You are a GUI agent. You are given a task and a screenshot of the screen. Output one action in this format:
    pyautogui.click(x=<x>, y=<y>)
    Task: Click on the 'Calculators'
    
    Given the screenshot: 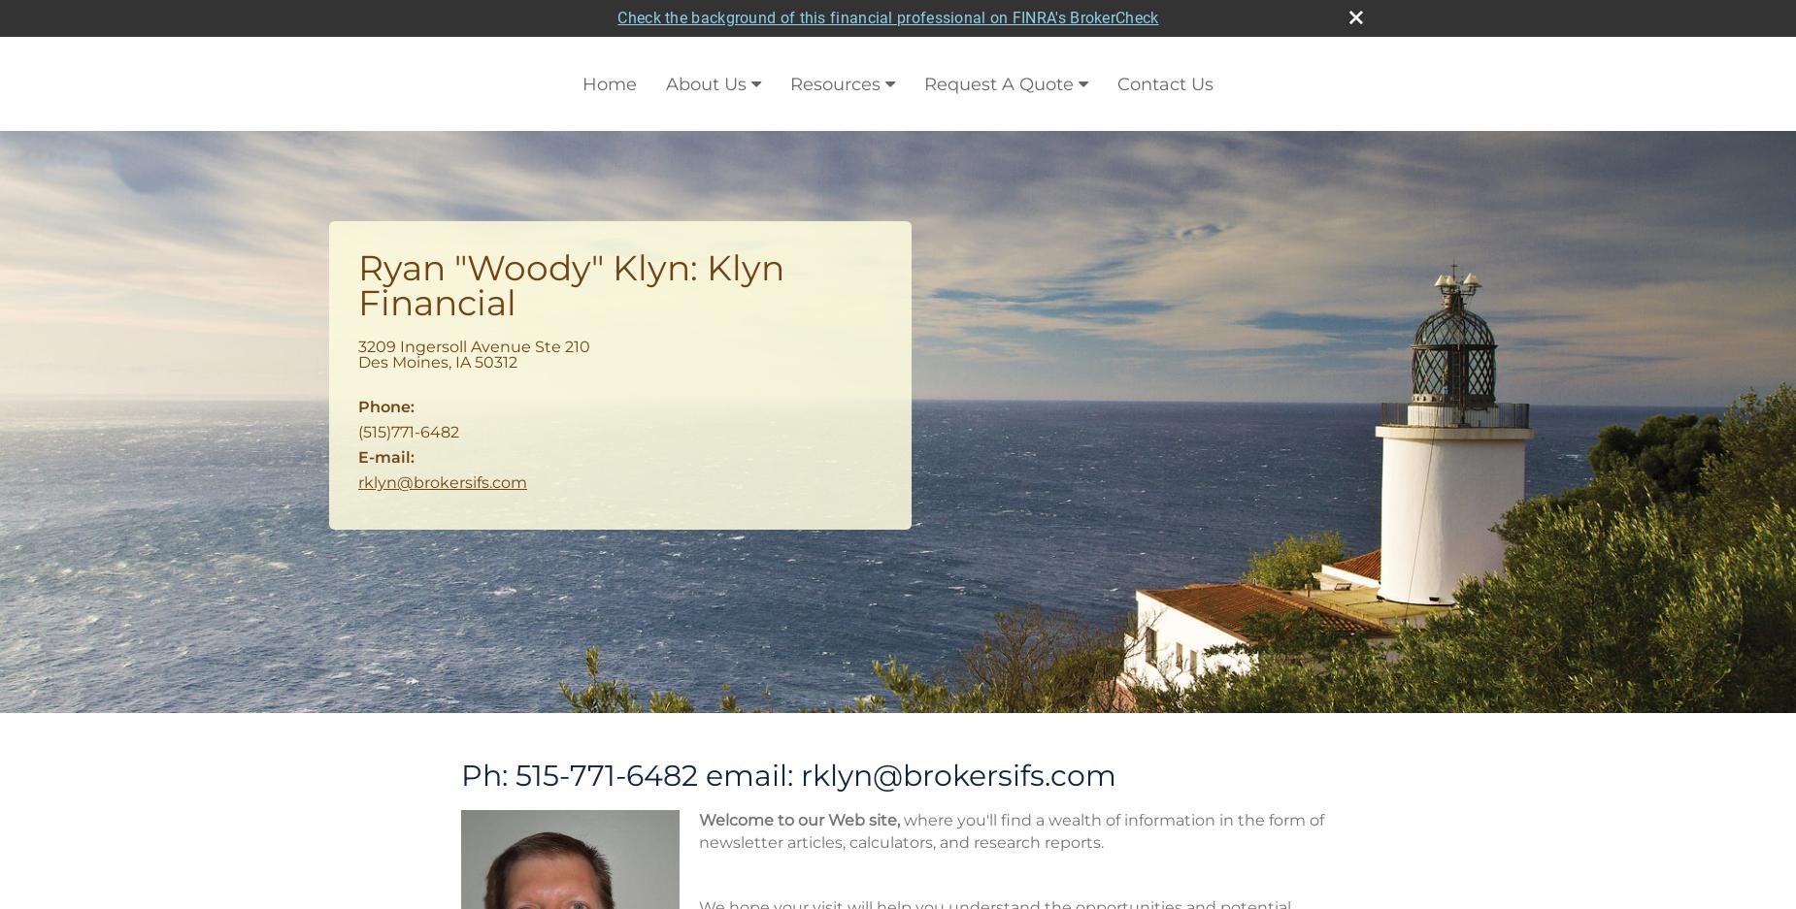 What is the action you would take?
    pyautogui.click(x=357, y=574)
    